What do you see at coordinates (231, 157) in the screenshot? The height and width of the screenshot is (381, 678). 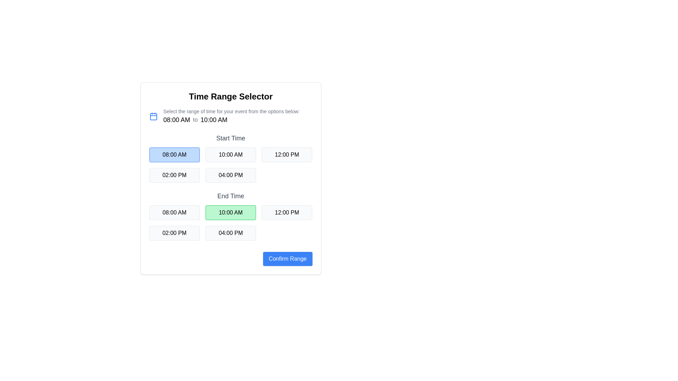 I see `the button that allows users to select '10:00 AM' as the start time for an event, located between '08:00 AM' and '12:00 PM'` at bounding box center [231, 157].